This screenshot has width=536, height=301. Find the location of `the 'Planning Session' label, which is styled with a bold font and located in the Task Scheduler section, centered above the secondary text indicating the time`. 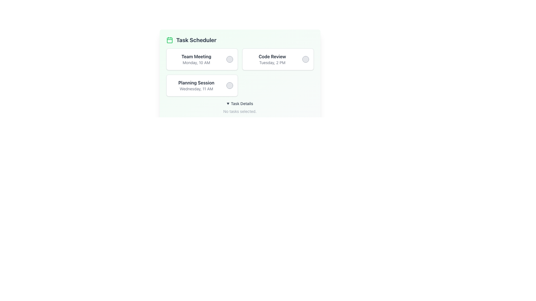

the 'Planning Session' label, which is styled with a bold font and located in the Task Scheduler section, centered above the secondary text indicating the time is located at coordinates (196, 83).